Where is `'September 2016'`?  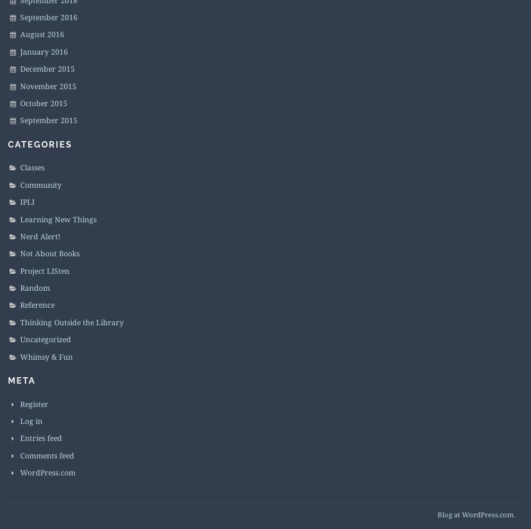
'September 2016' is located at coordinates (48, 17).